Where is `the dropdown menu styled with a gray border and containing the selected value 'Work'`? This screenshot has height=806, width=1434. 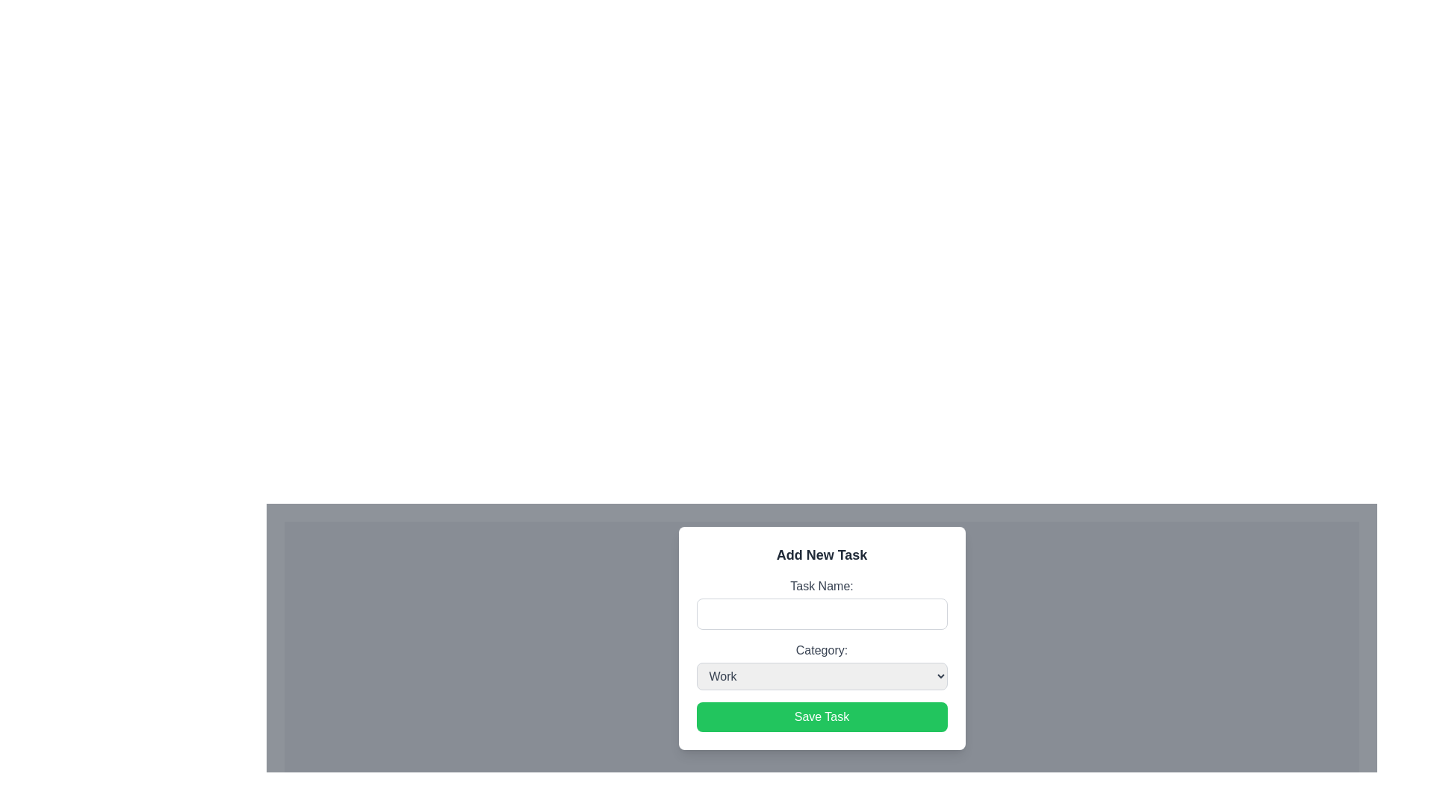
the dropdown menu styled with a gray border and containing the selected value 'Work' is located at coordinates (821, 676).